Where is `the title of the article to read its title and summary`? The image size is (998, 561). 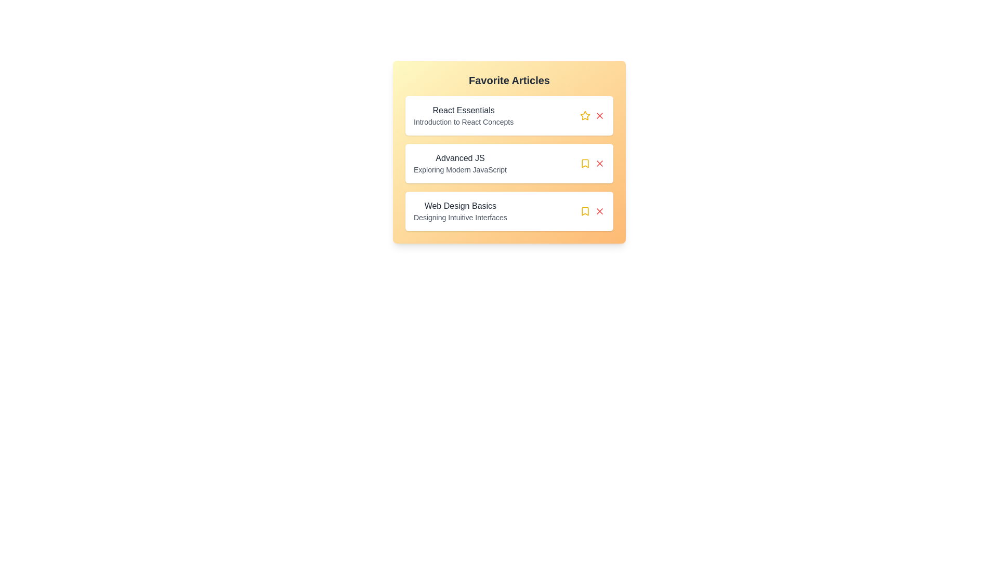 the title of the article to read its title and summary is located at coordinates (463, 110).